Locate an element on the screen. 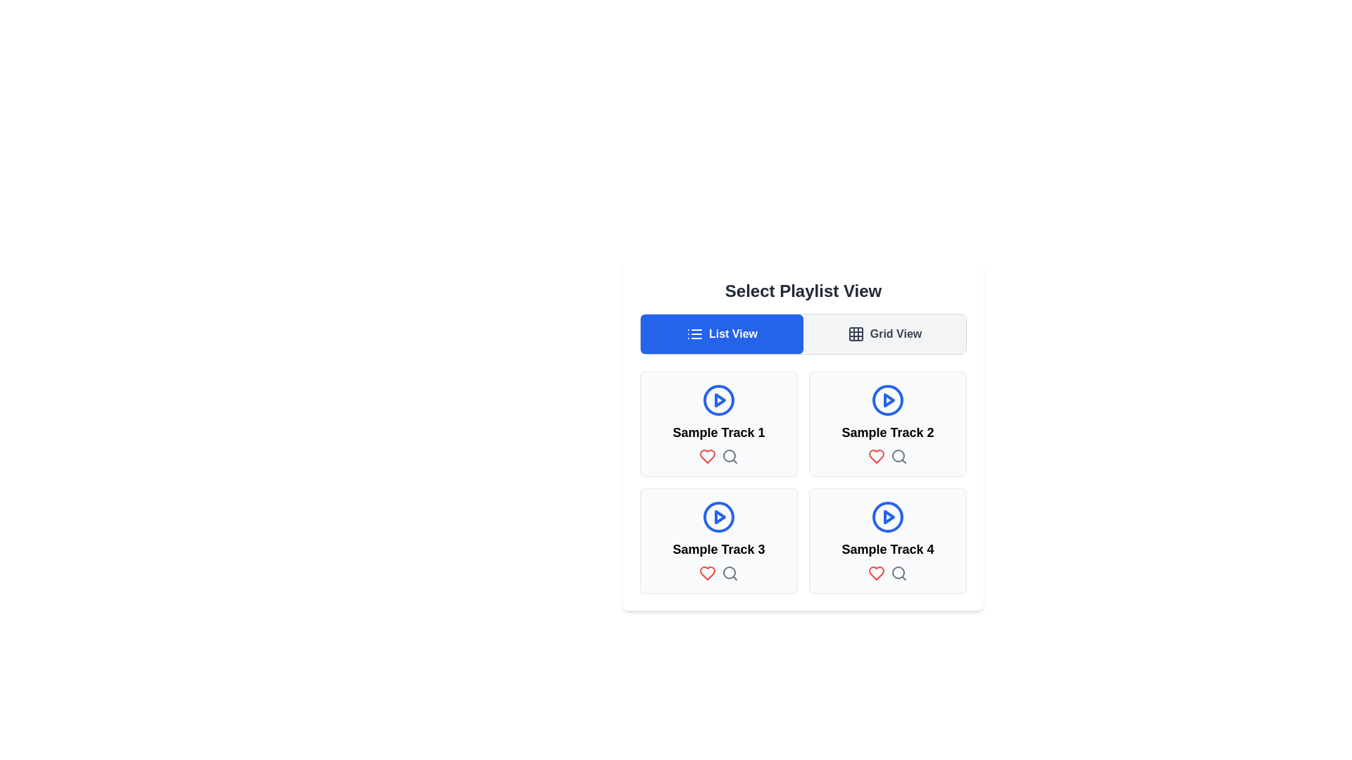 Image resolution: width=1352 pixels, height=760 pixels. the red heart icon representing the favorite action for 'Sample Track 2' is located at coordinates (875, 456).